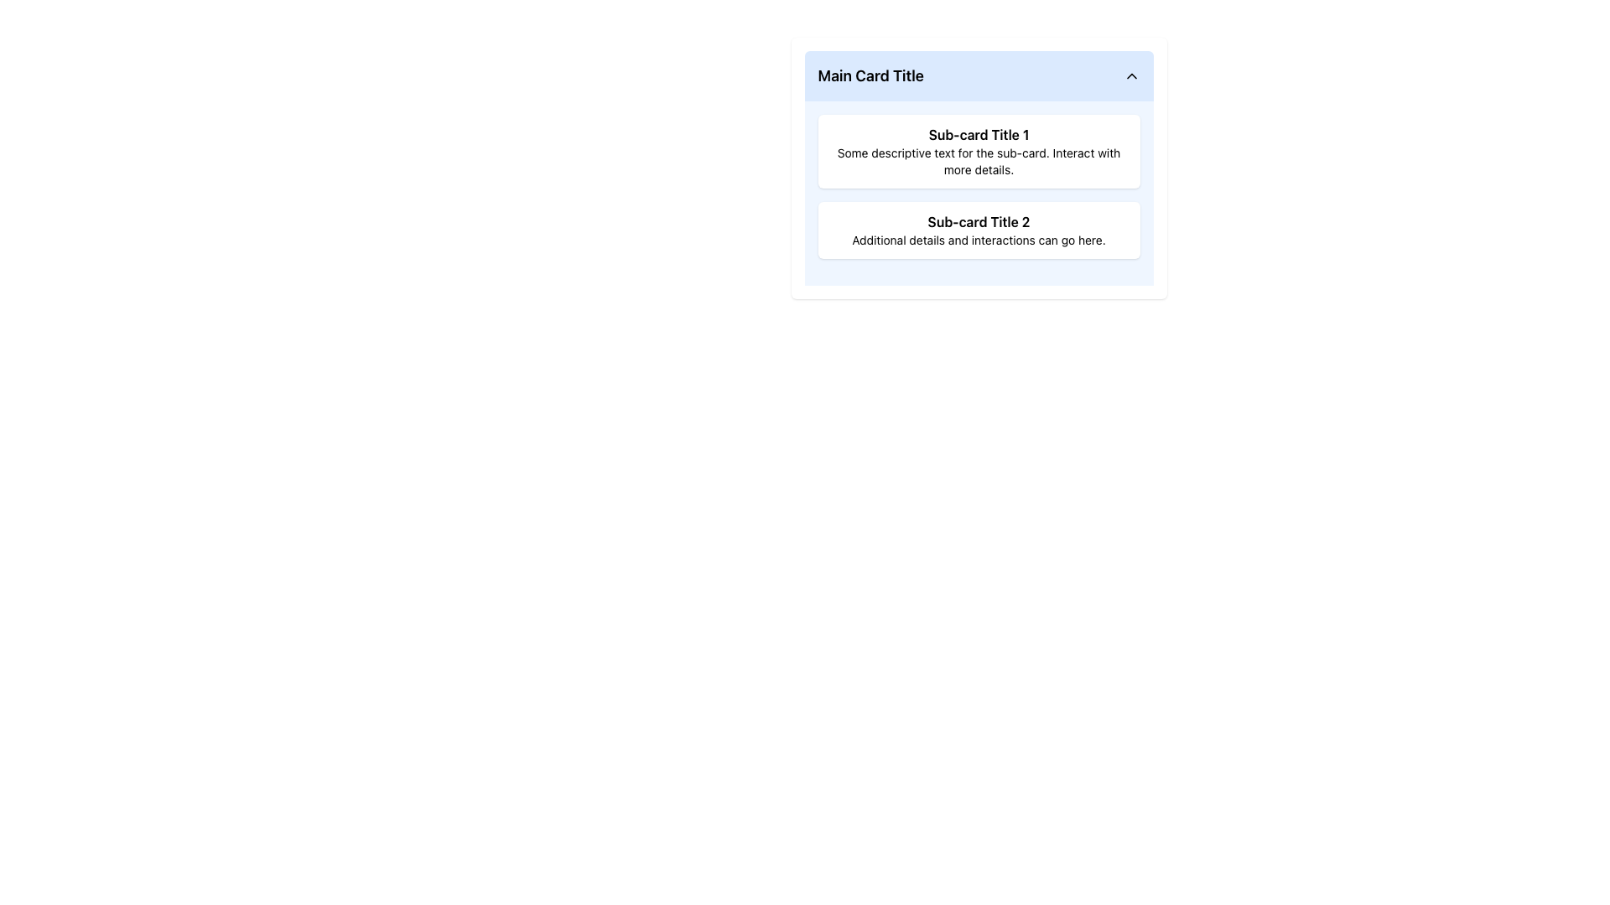 Image resolution: width=1610 pixels, height=905 pixels. What do you see at coordinates (979, 134) in the screenshot?
I see `the title text label of the sub-card section located in the upper part of the main card titled 'Main Card Title'` at bounding box center [979, 134].